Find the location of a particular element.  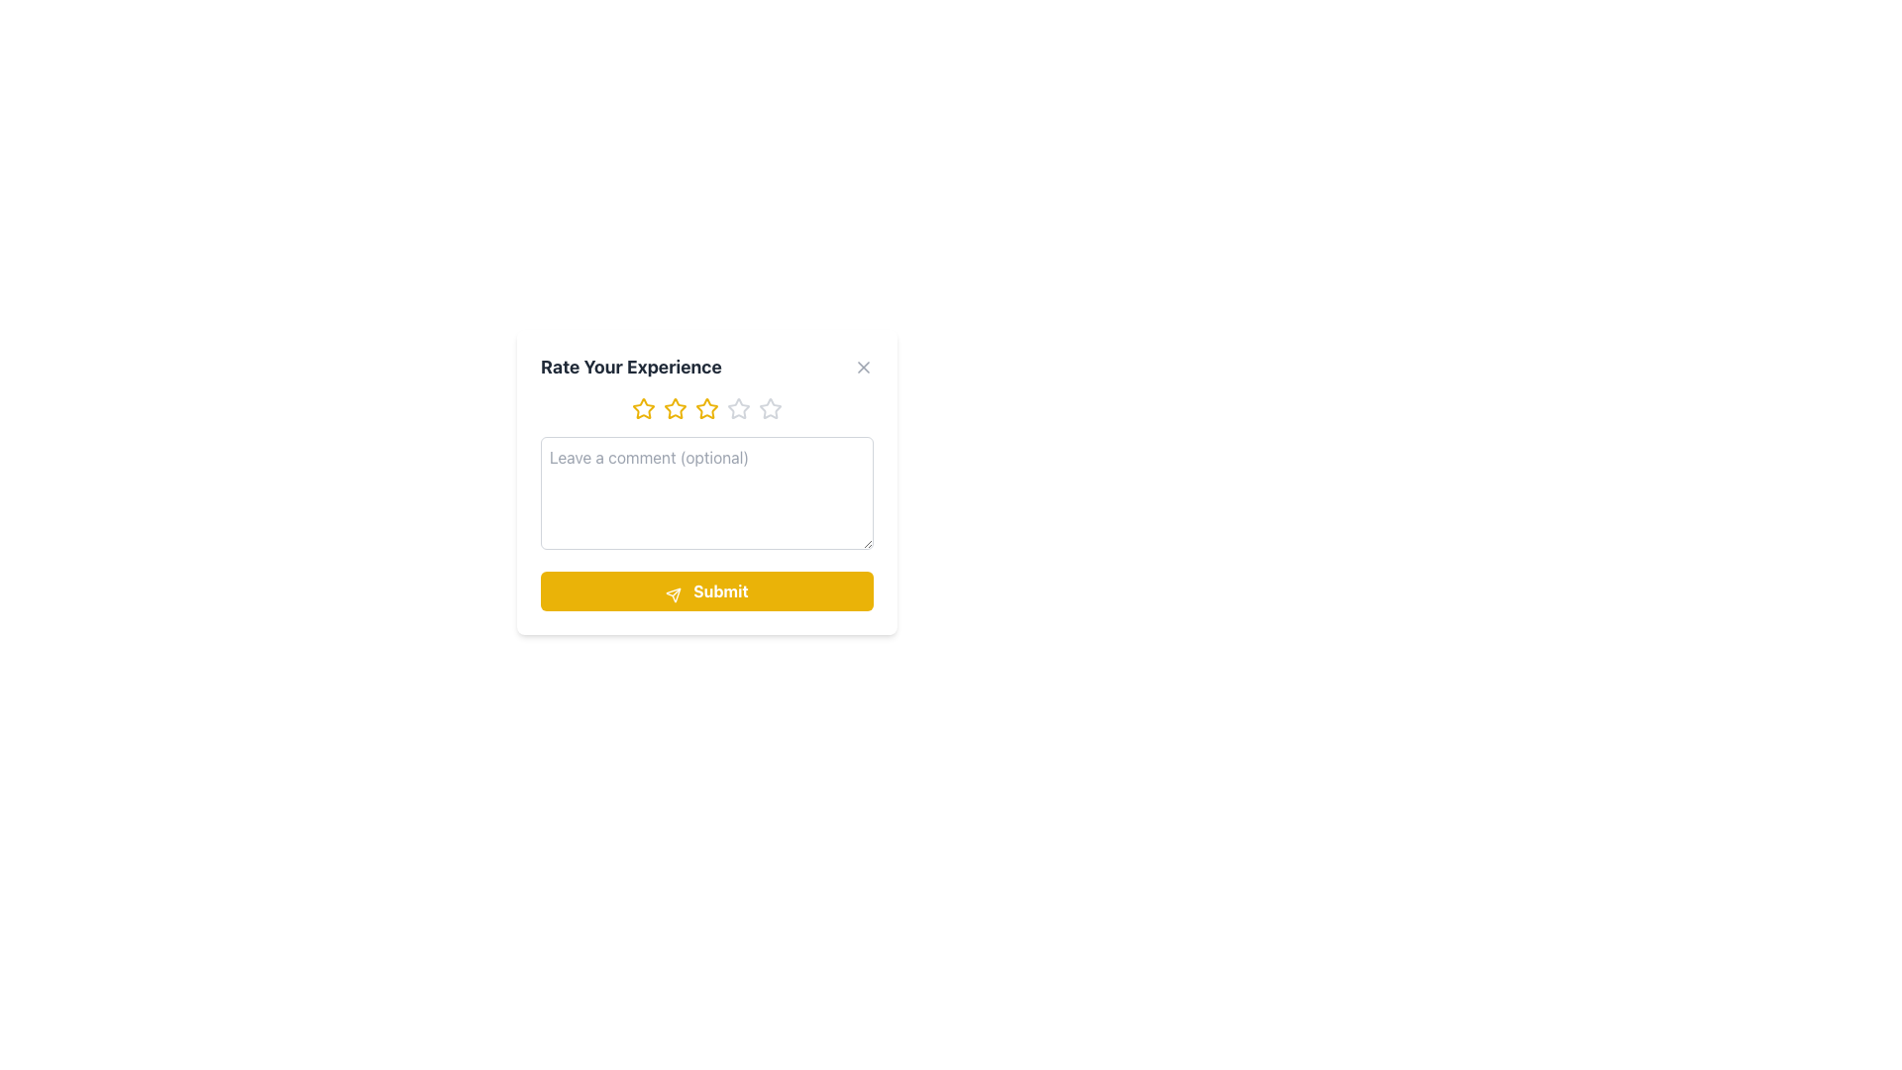

the close button located at the top-right corner of the 'Rate Your Experience' dialog box is located at coordinates (864, 367).